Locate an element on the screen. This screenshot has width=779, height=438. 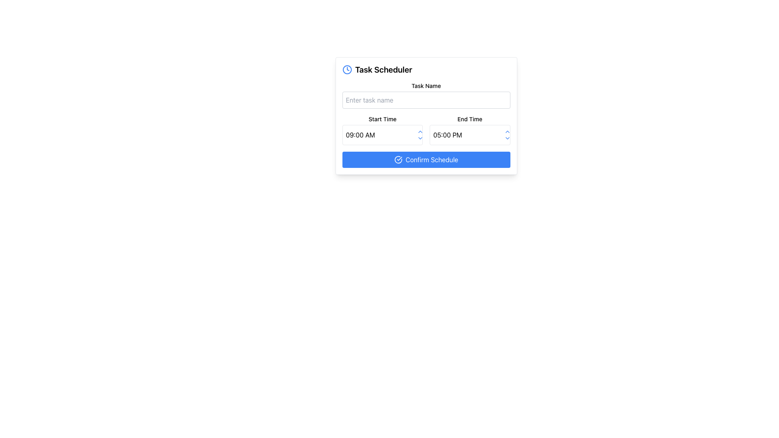
the circular boundary of the clock icon located at the top left side of the modal interface is located at coordinates (347, 69).